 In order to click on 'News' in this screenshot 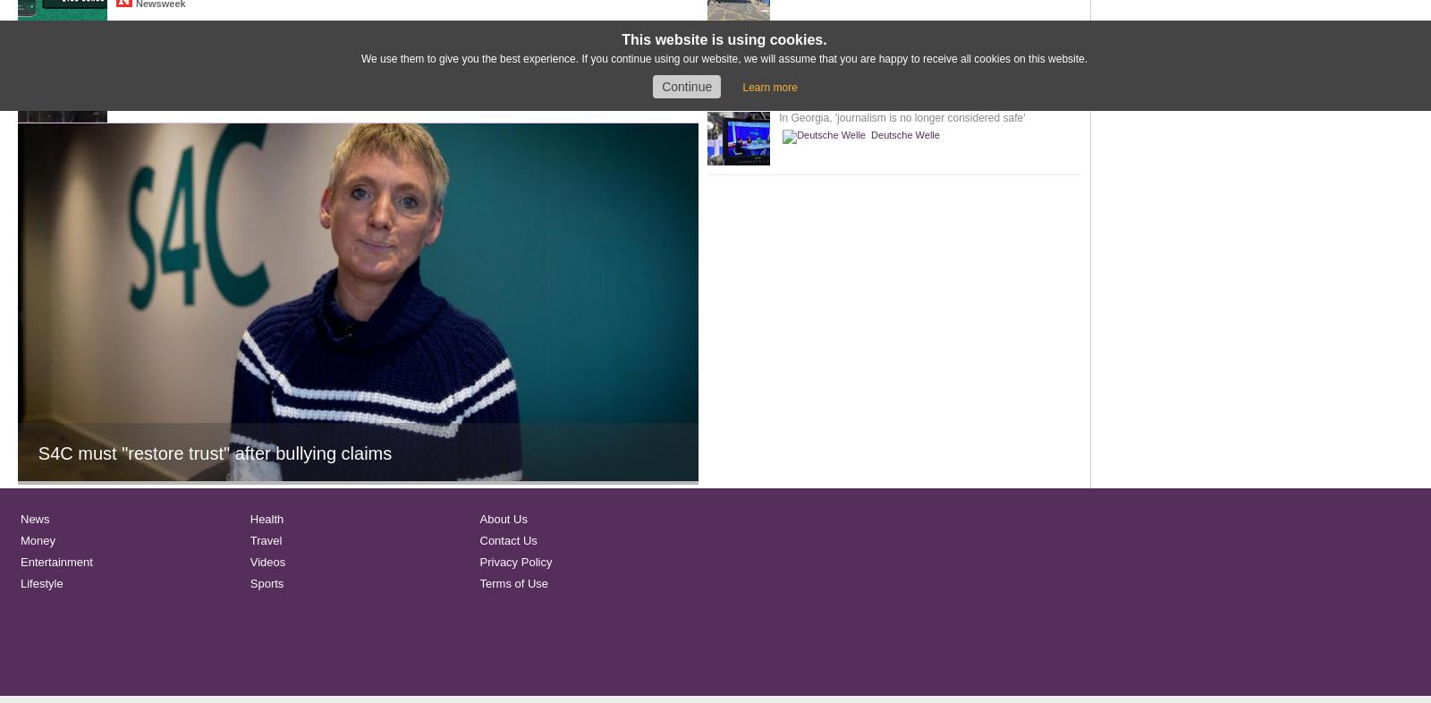, I will do `click(34, 518)`.